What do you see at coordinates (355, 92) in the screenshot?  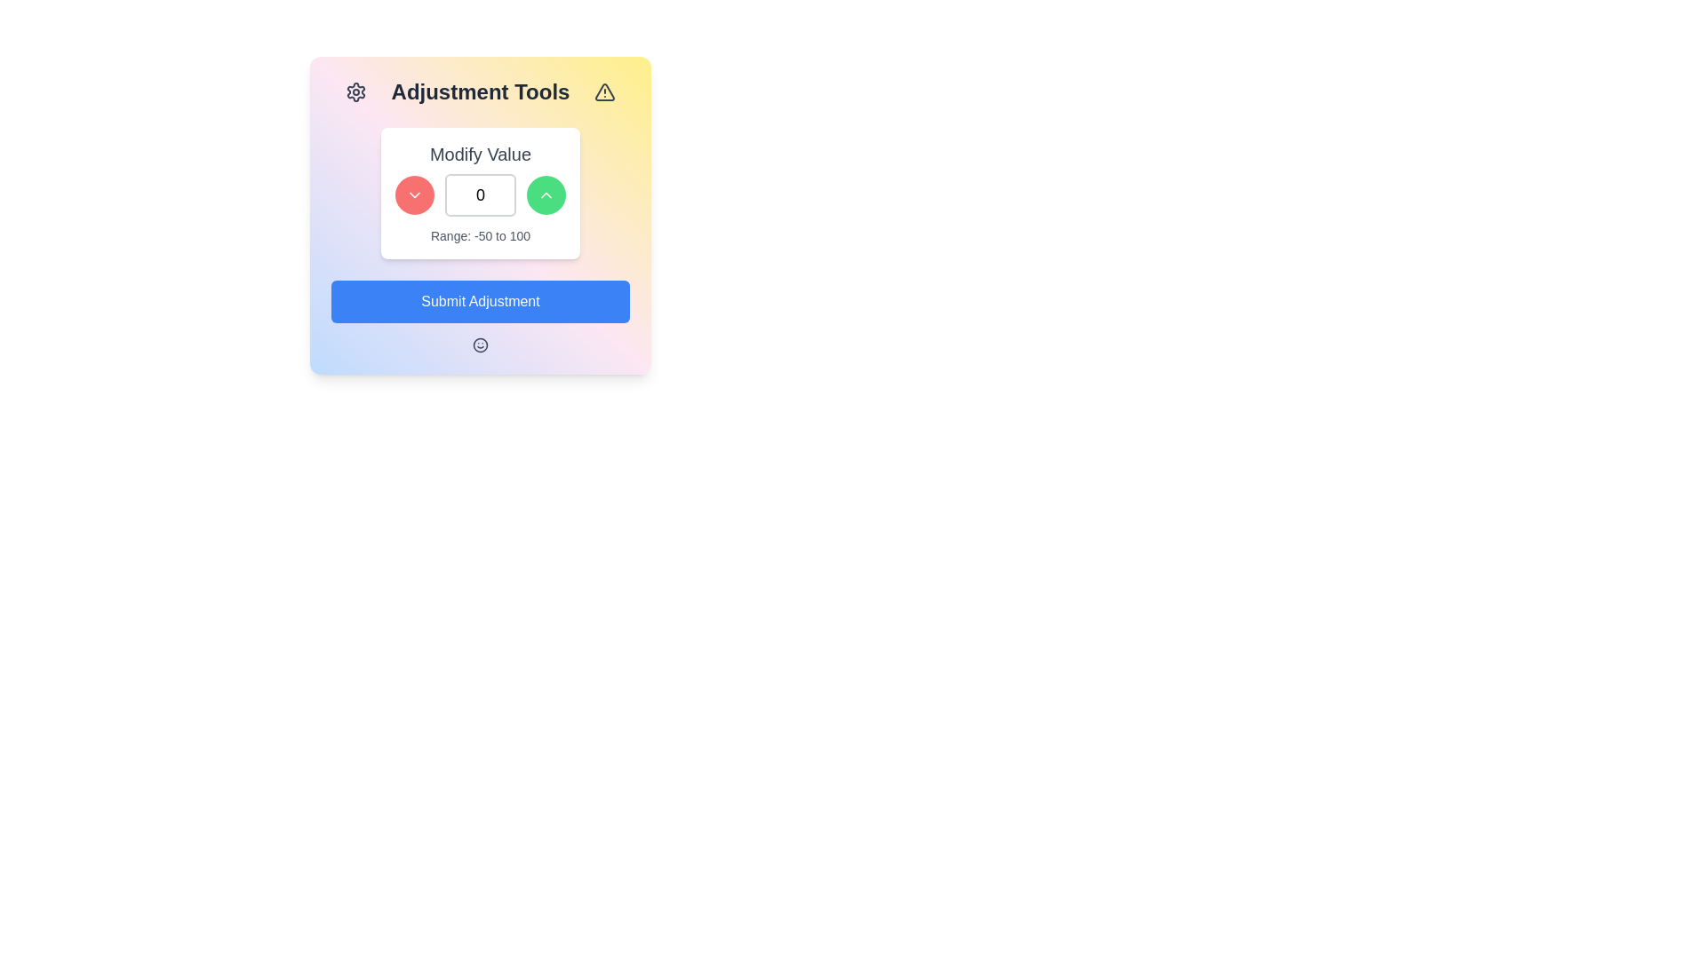 I see `the settings icon button located` at bounding box center [355, 92].